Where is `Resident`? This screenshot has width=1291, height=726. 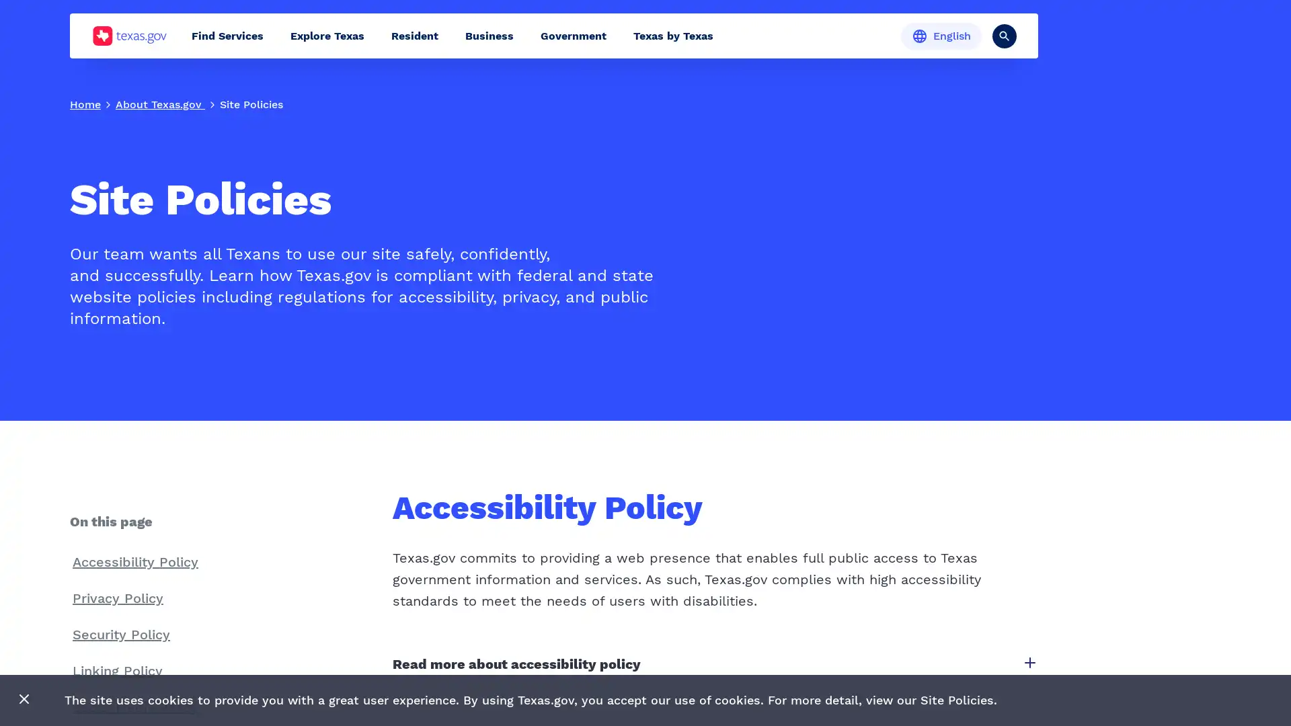
Resident is located at coordinates (414, 35).